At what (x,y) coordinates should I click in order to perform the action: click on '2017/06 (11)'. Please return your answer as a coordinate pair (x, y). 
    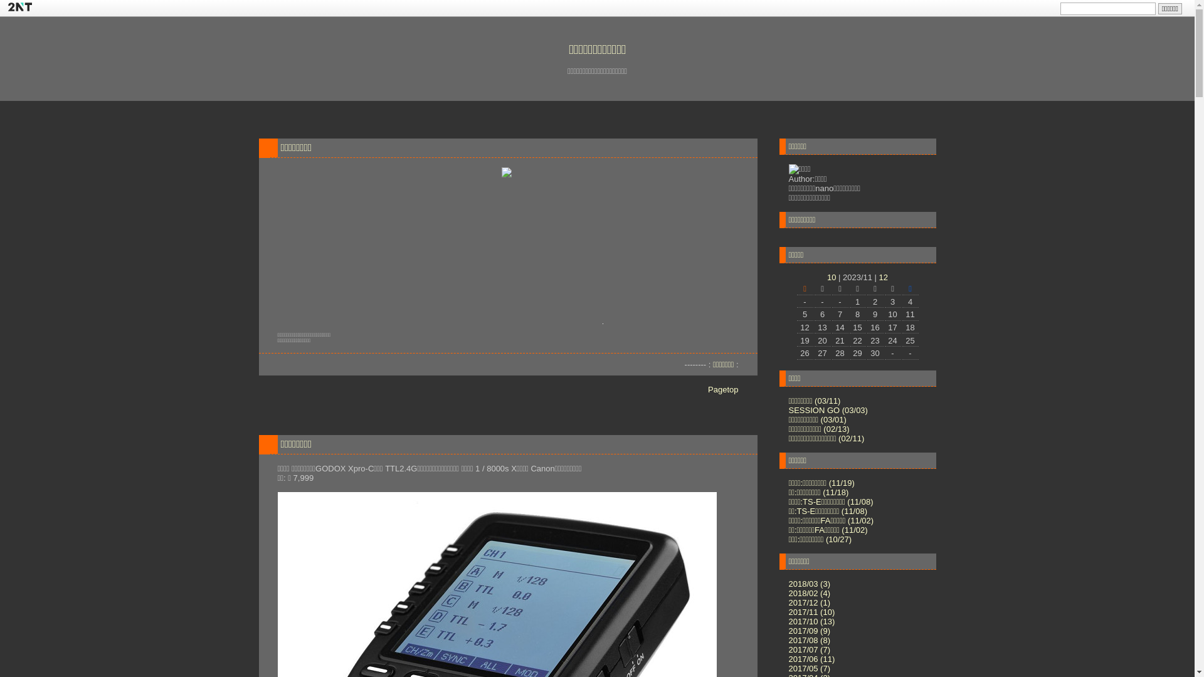
    Looking at the image, I should click on (812, 658).